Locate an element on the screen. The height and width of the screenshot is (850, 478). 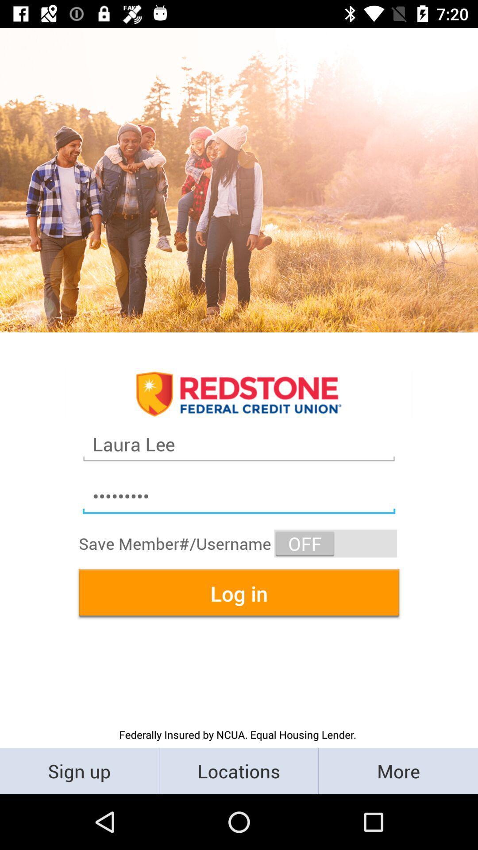
the item above log in item is located at coordinates (335, 543).